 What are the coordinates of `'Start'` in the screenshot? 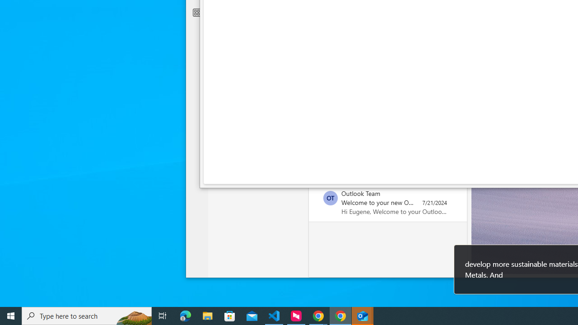 It's located at (11, 315).